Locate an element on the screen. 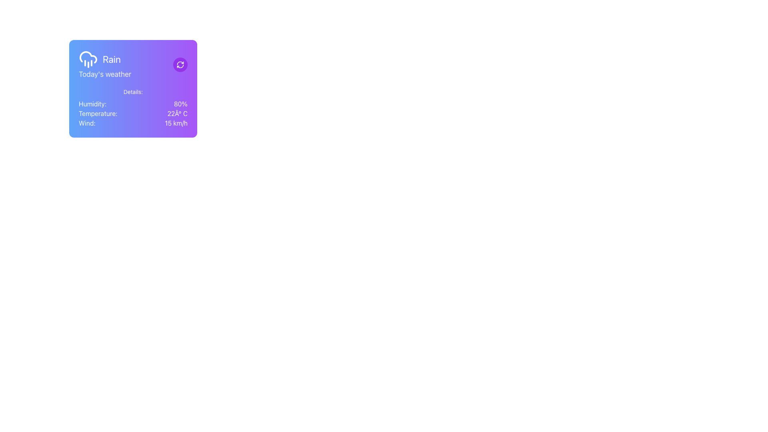 Image resolution: width=768 pixels, height=432 pixels. the Text Label that serves as a heading for the weather details section, positioned at the top of the vertical layout is located at coordinates (133, 92).